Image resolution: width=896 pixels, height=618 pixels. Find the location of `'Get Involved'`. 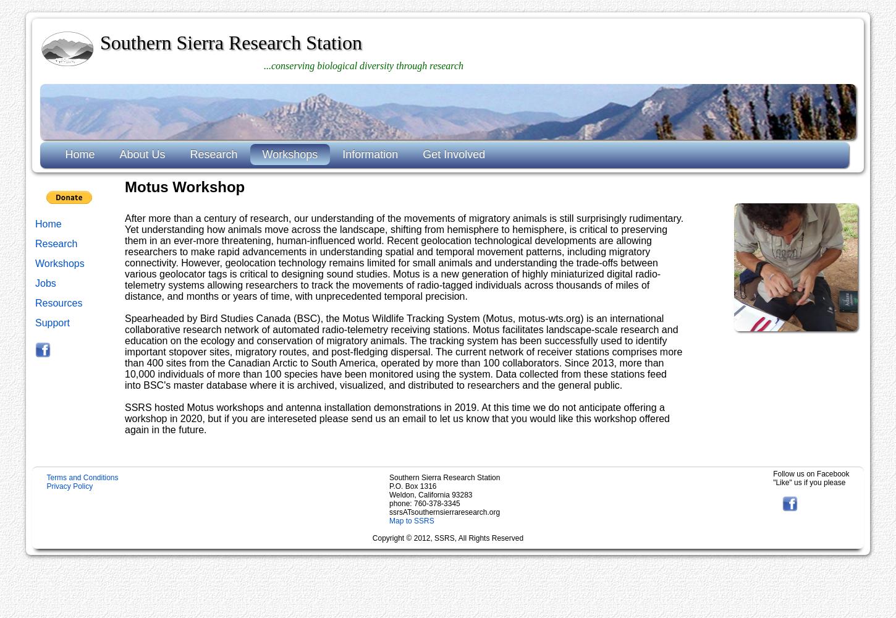

'Get Involved' is located at coordinates (454, 153).